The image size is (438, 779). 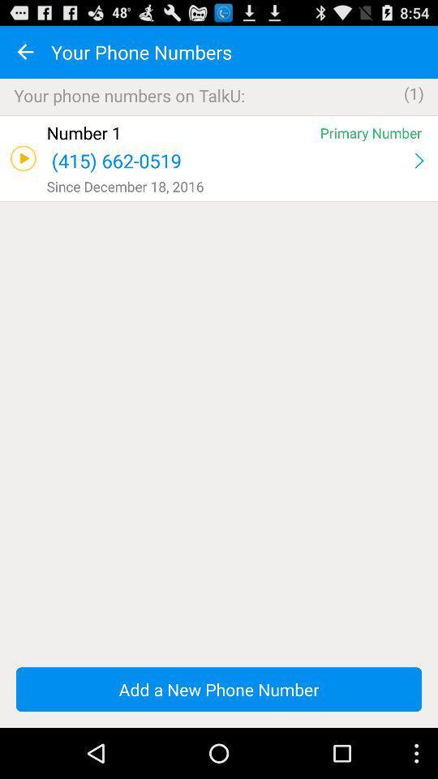 I want to click on primary number, so click(x=371, y=131).